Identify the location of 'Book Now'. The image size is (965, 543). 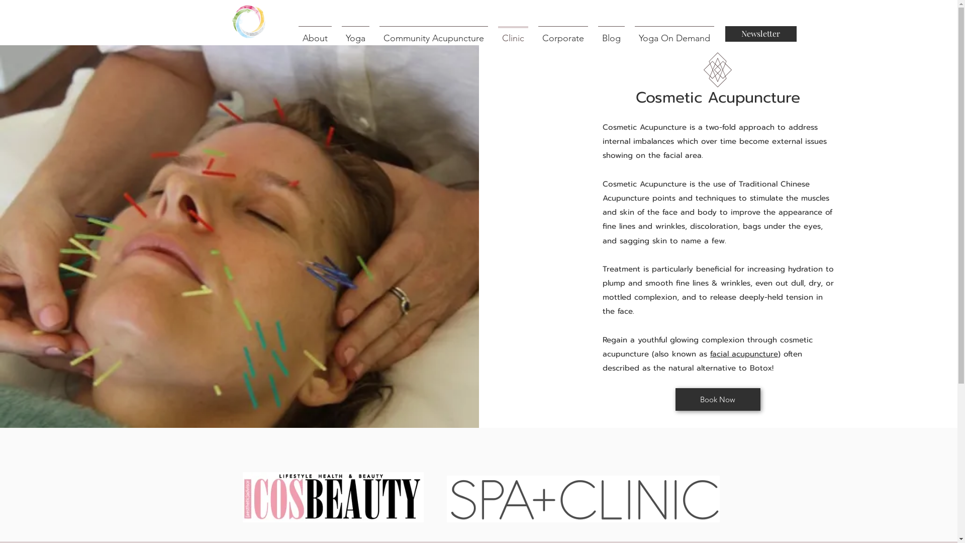
(717, 399).